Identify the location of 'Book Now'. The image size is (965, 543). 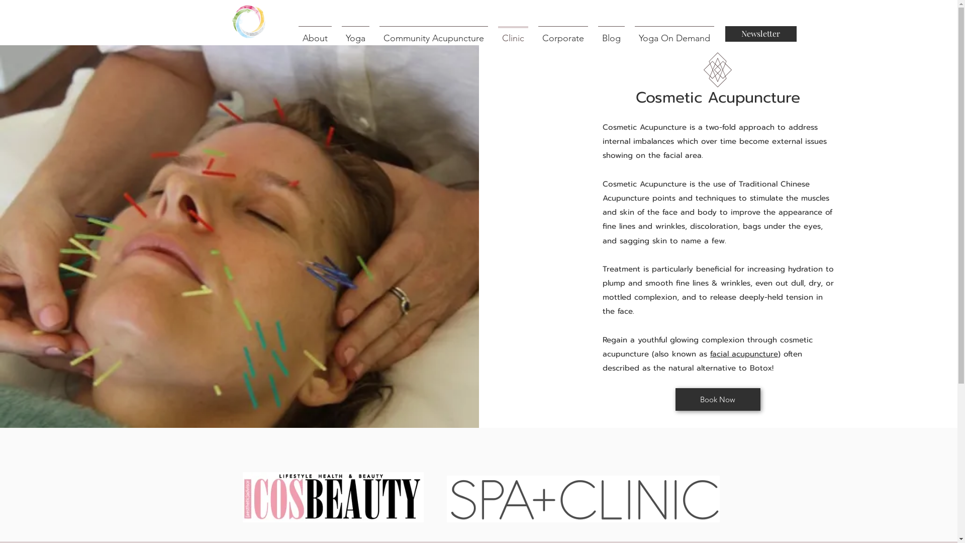
(717, 399).